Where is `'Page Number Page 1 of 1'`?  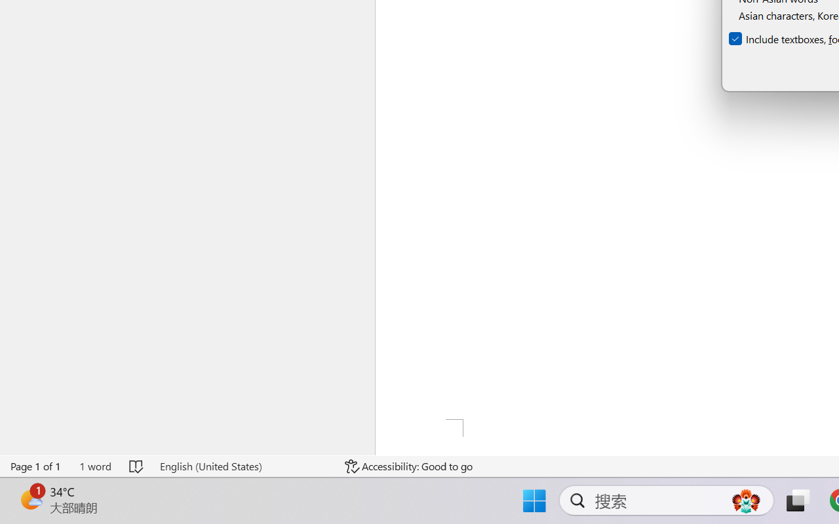 'Page Number Page 1 of 1' is located at coordinates (36, 466).